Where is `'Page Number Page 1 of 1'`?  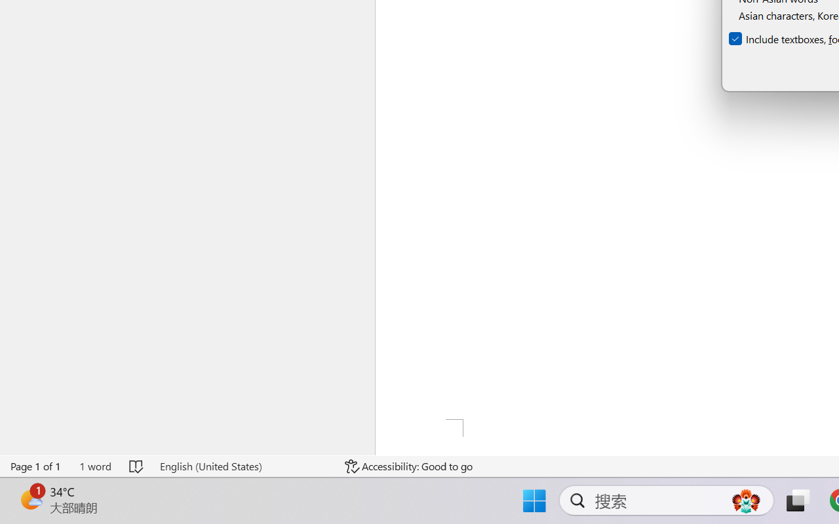 'Page Number Page 1 of 1' is located at coordinates (36, 466).